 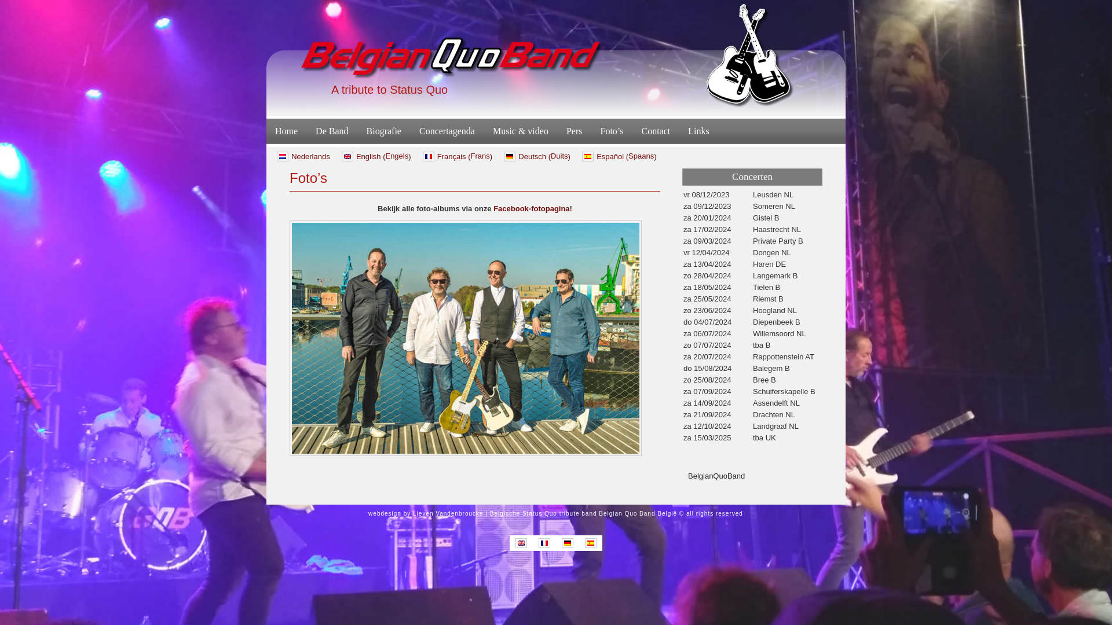 What do you see at coordinates (447, 131) in the screenshot?
I see `'Concertagenda'` at bounding box center [447, 131].